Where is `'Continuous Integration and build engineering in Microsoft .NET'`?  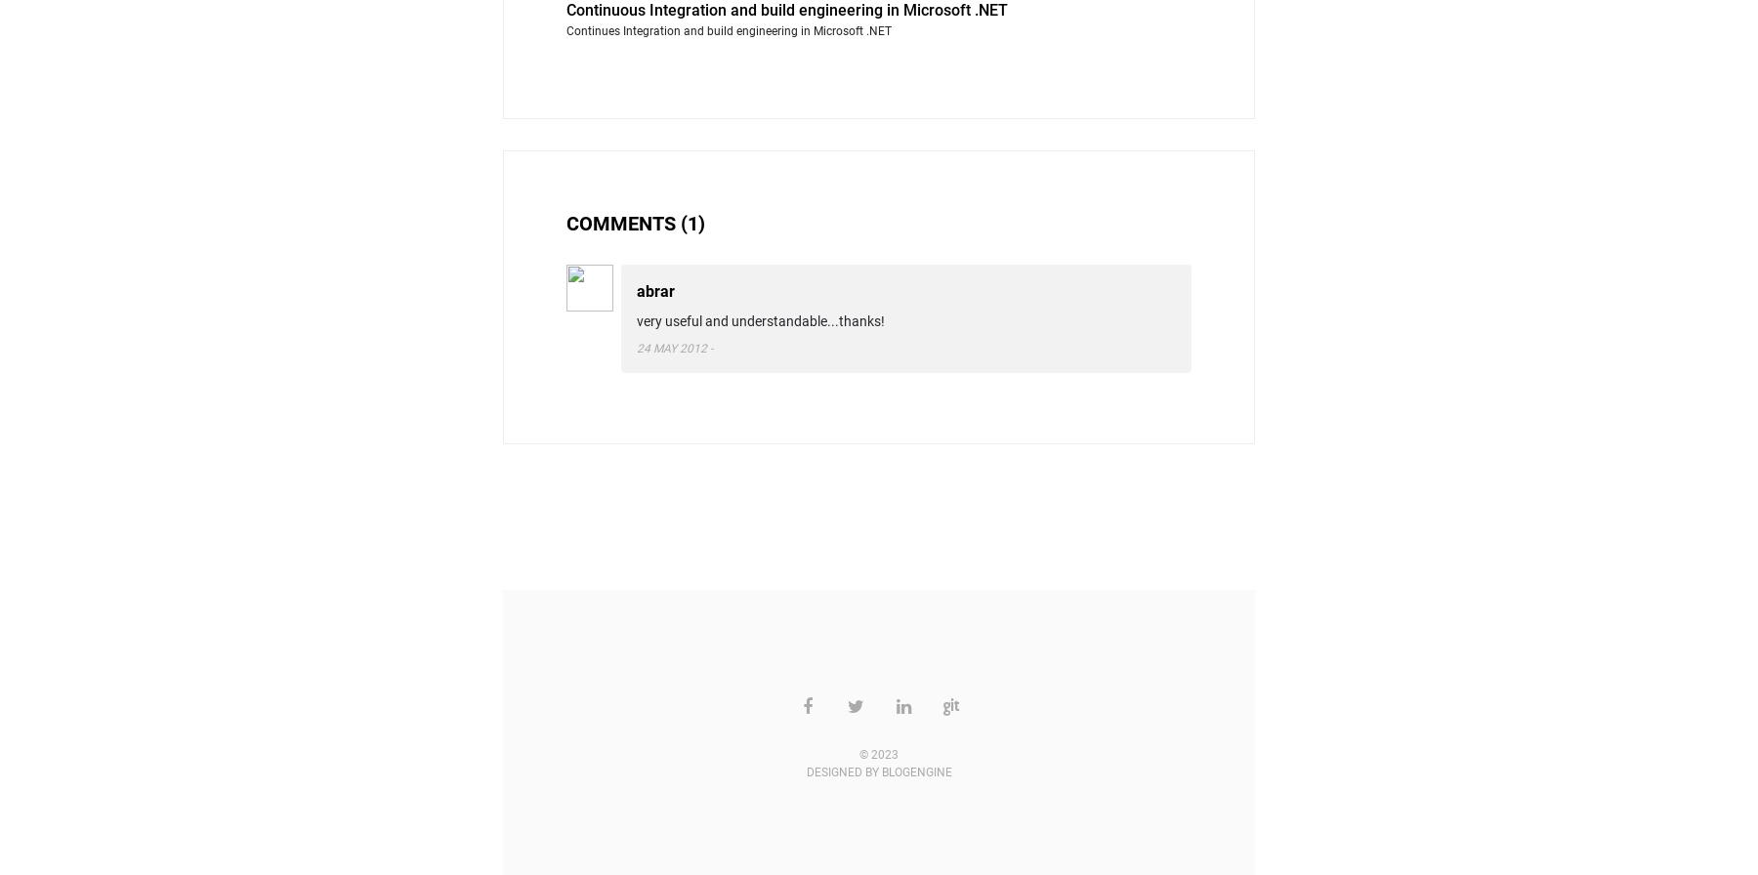 'Continuous Integration and build engineering in Microsoft .NET' is located at coordinates (787, 9).